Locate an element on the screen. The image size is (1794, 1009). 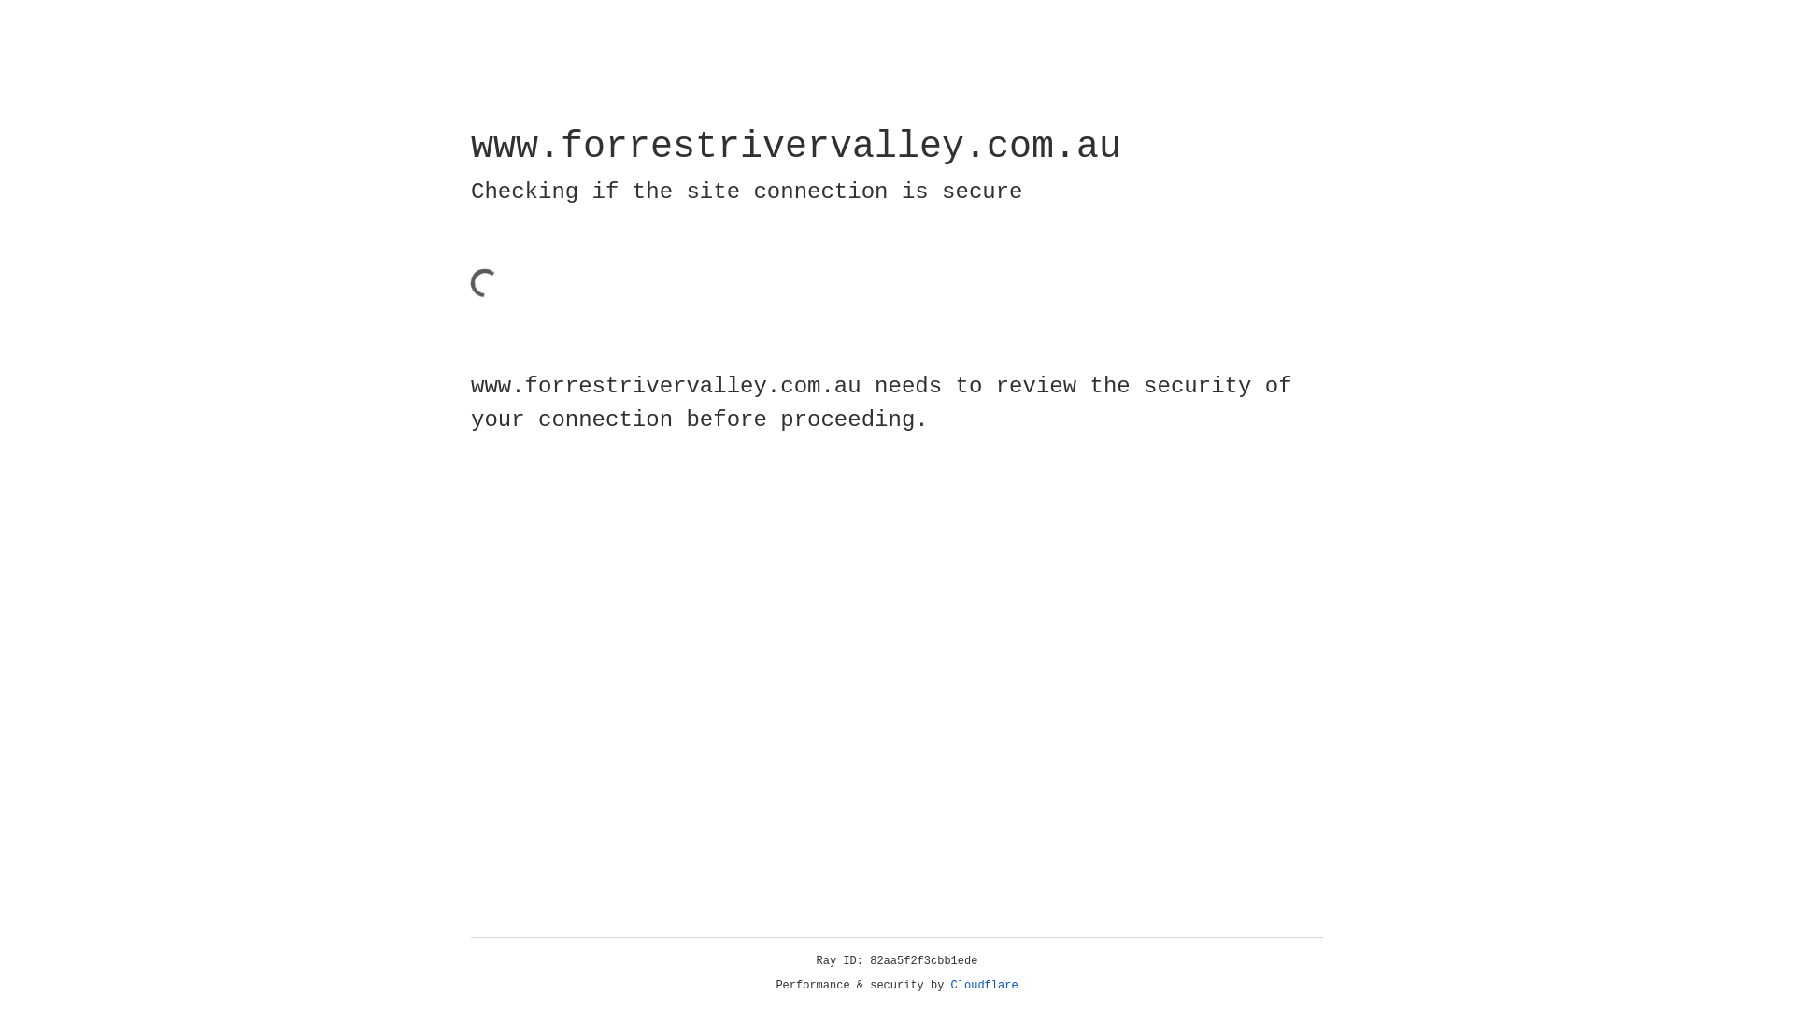
'Cloudflare' is located at coordinates (984, 985).